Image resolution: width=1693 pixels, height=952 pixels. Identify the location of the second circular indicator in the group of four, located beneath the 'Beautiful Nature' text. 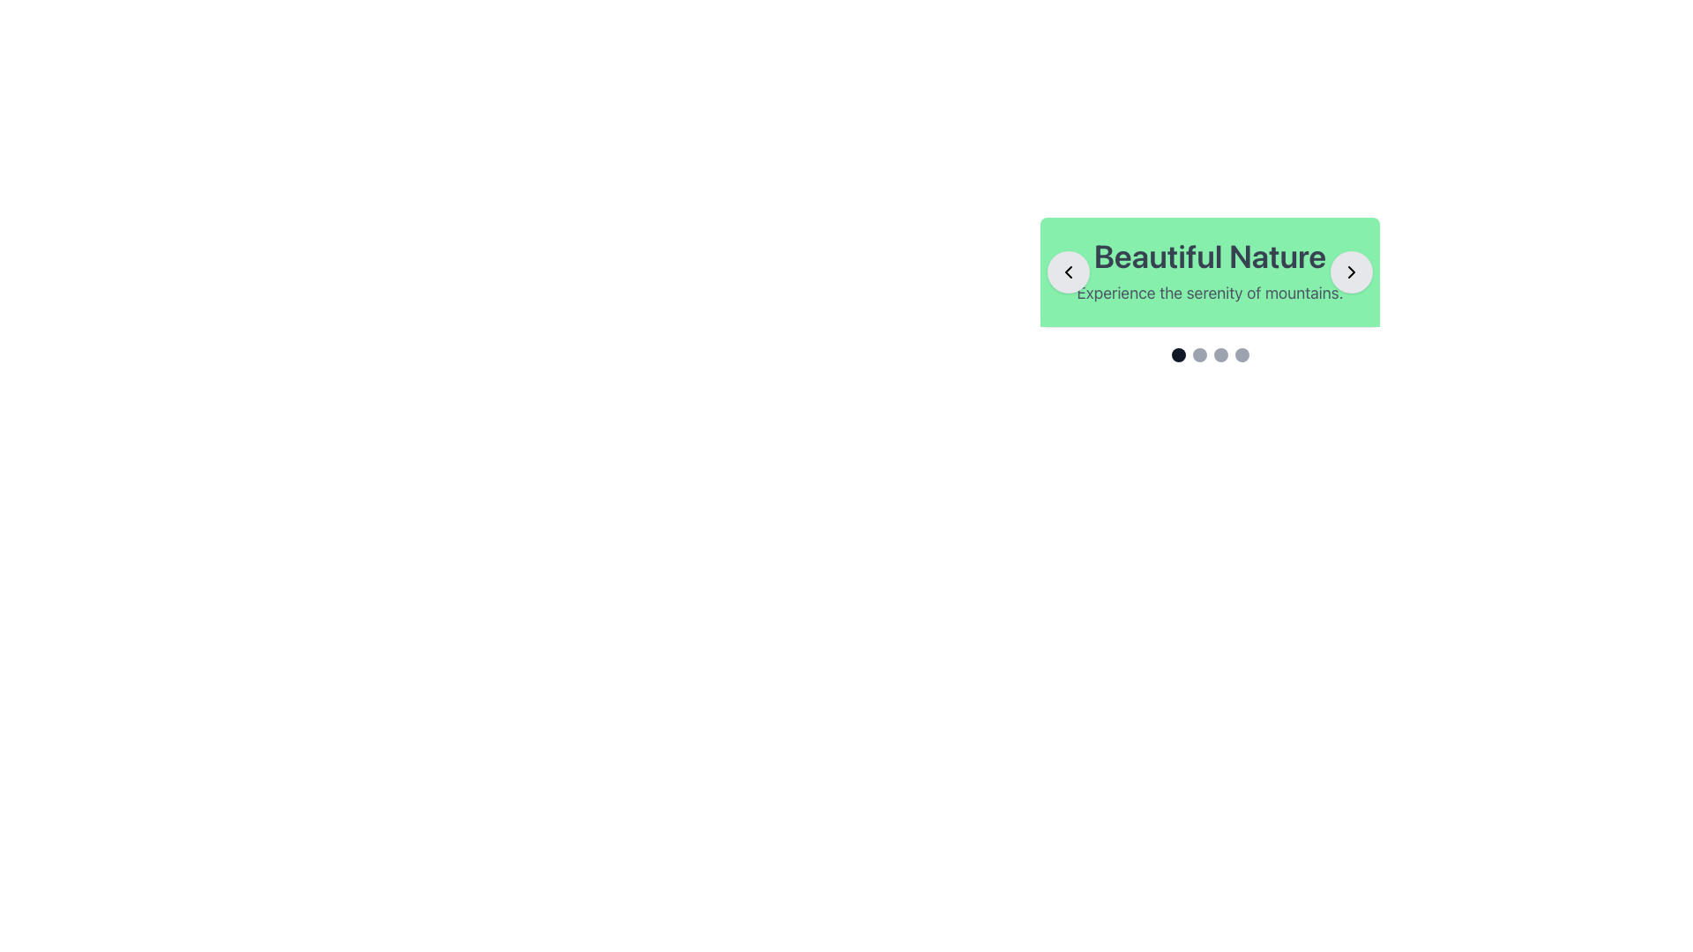
(1199, 354).